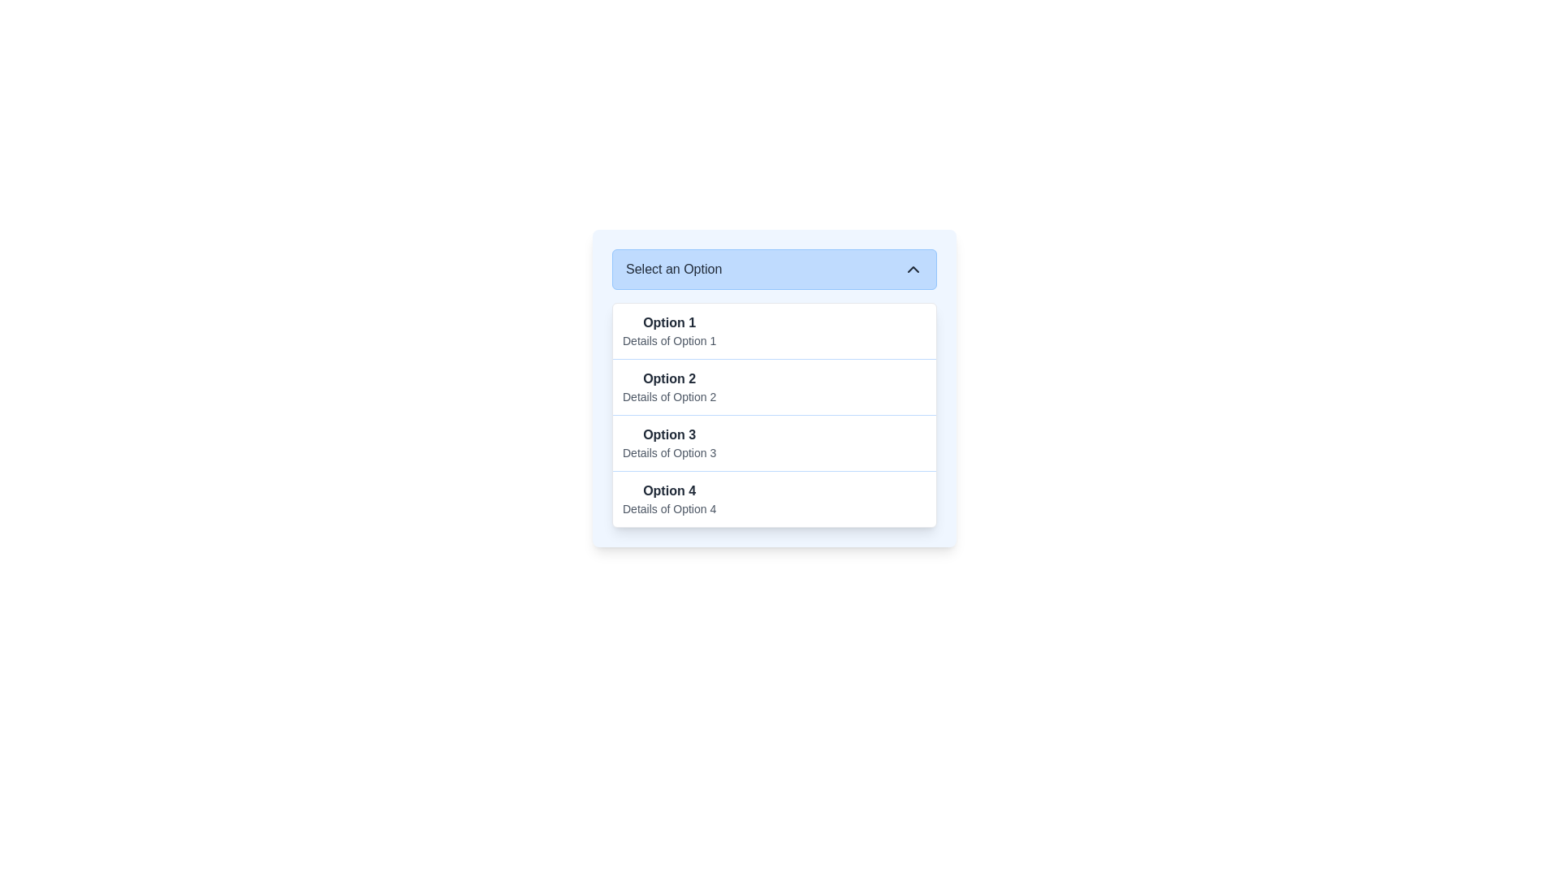 This screenshot has width=1559, height=877. Describe the element at coordinates (669, 453) in the screenshot. I see `the text label displaying 'Details of Option 3', which is positioned below 'Option 3' in a lighter gray color within the option selection dropdown` at that location.